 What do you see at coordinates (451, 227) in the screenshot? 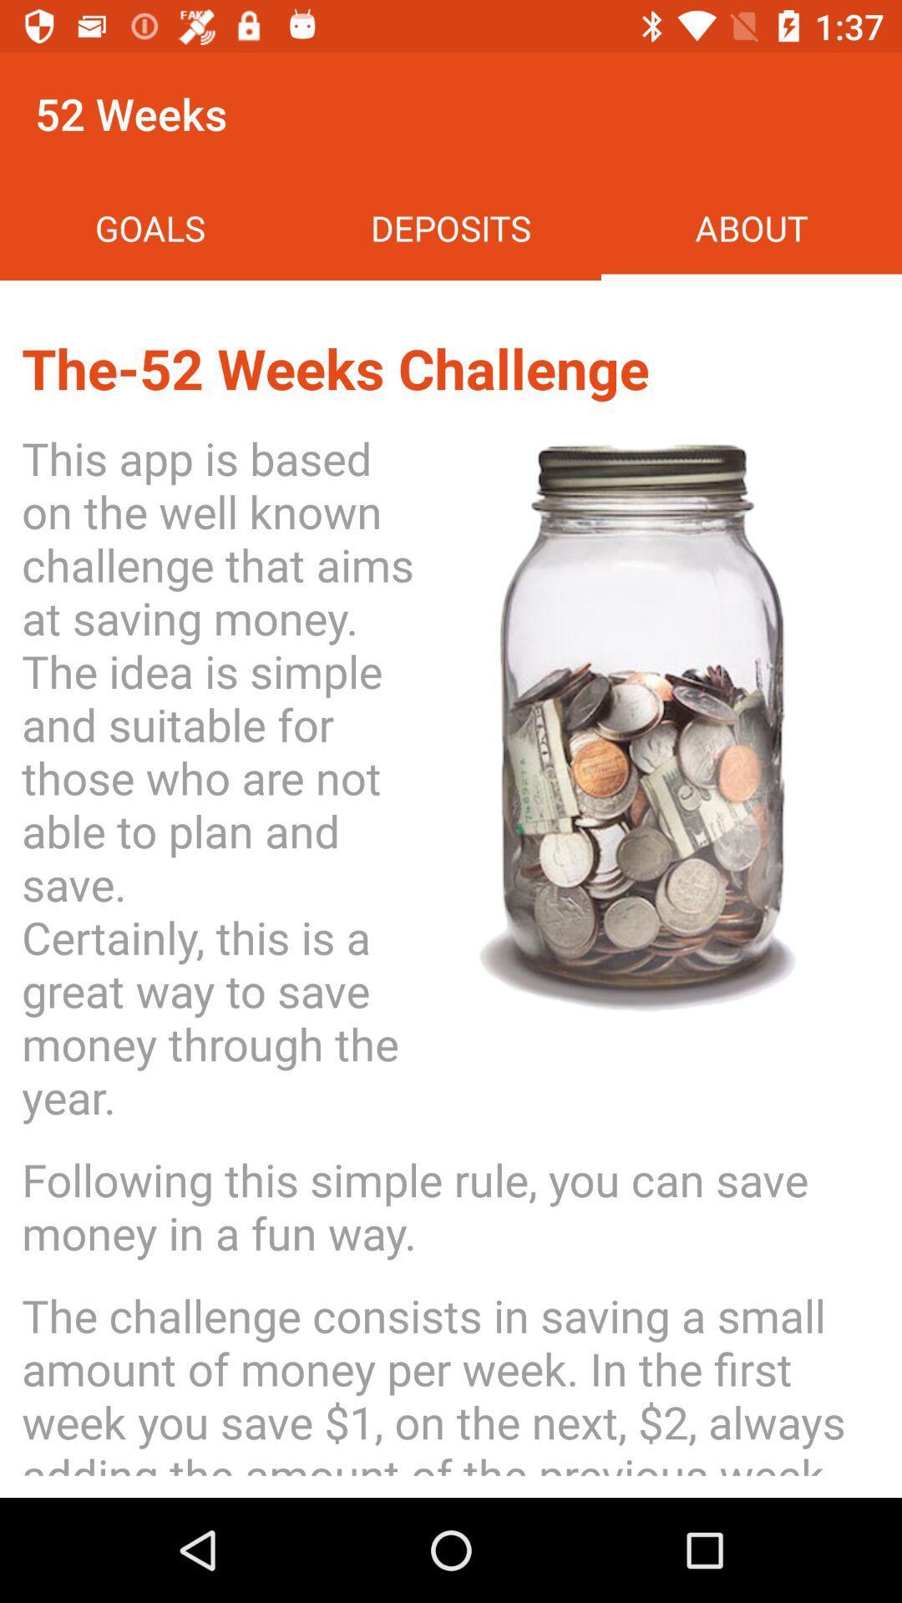
I see `icon to the left of about icon` at bounding box center [451, 227].